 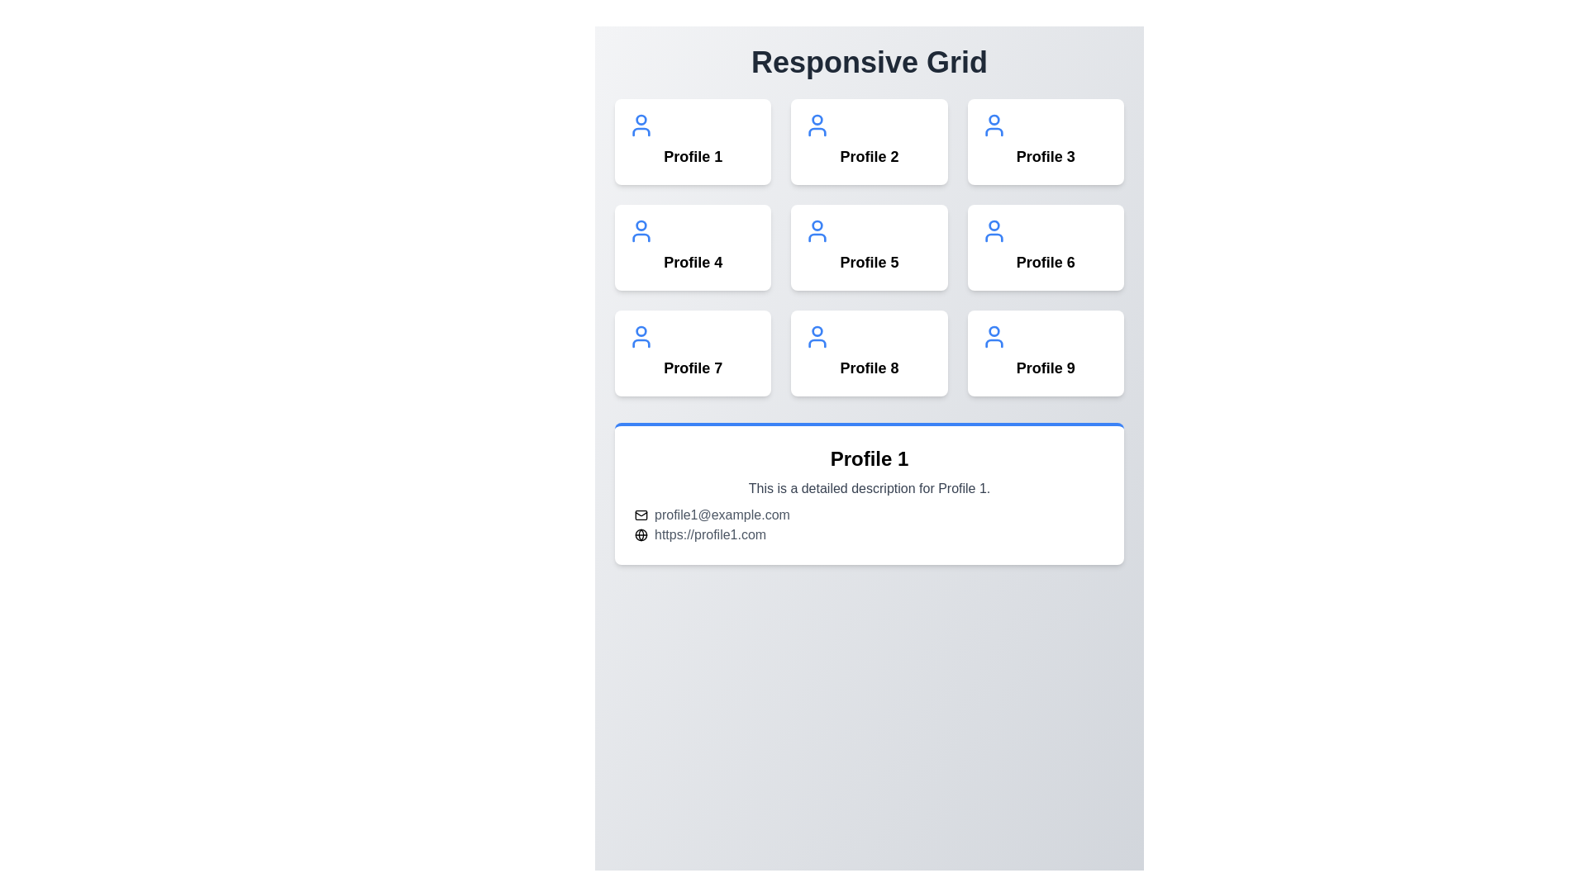 What do you see at coordinates (868, 156) in the screenshot?
I see `value of the title text in the second card of the grid layout, located in the first row and second column` at bounding box center [868, 156].